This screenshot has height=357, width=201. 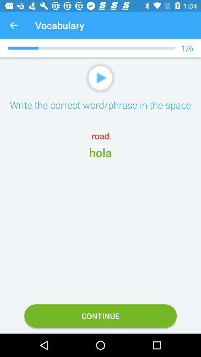 I want to click on continue, so click(x=100, y=315).